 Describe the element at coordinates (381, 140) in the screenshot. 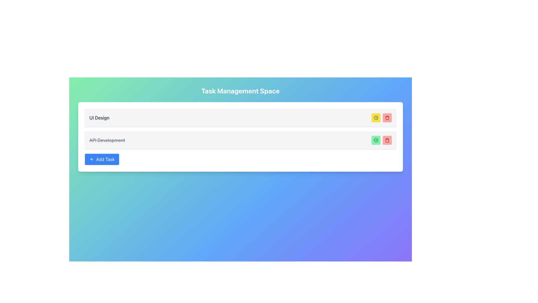

I see `the composite element containing two buttons in the 'API Development' section, which includes a green button with a checkmark and a red button with a trashcan icon, to trigger tooltip or visual feedback` at that location.